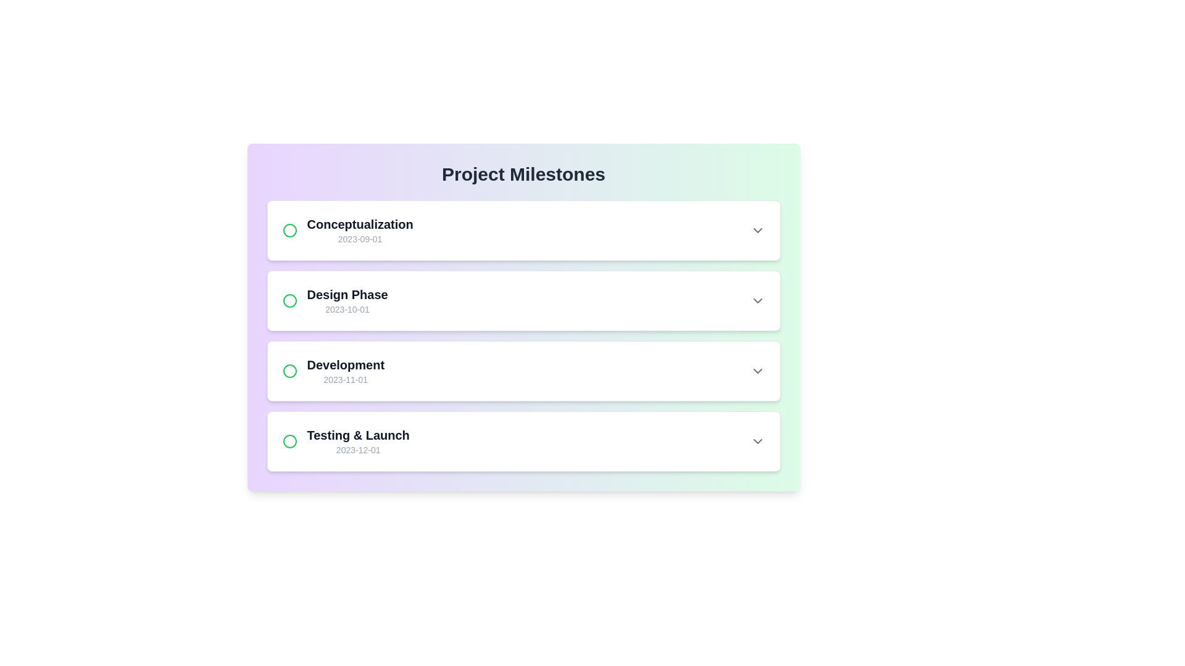  I want to click on the Circular vector graphic element representing the milestone status indicator for the 'Testing & Launch' item in the project milestones list, so click(289, 441).